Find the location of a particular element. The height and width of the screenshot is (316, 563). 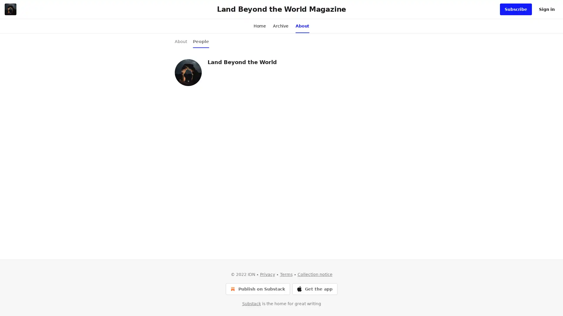

Sign in is located at coordinates (547, 9).